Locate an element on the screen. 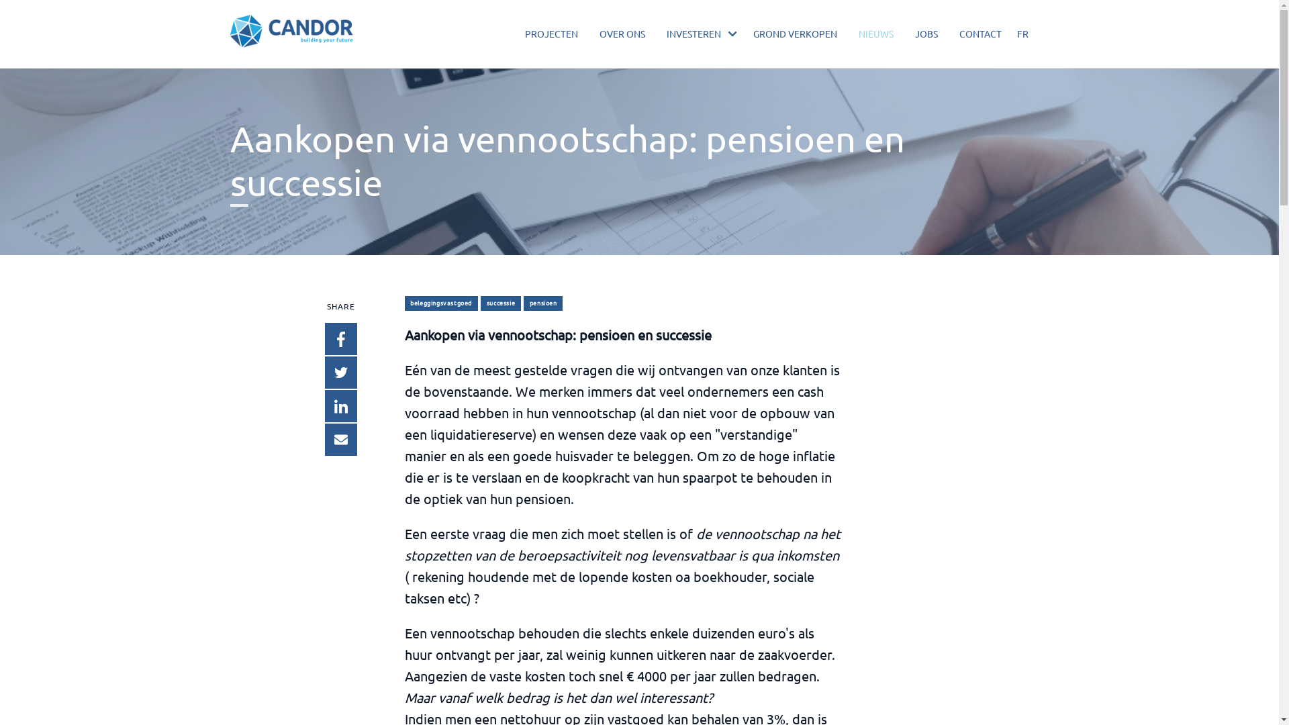 The image size is (1289, 725). 'beleggingsvastgoed' is located at coordinates (440, 303).